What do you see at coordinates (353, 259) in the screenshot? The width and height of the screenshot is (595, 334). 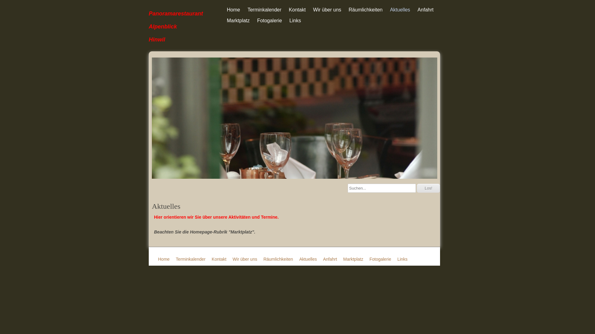 I see `'Marktplatz'` at bounding box center [353, 259].